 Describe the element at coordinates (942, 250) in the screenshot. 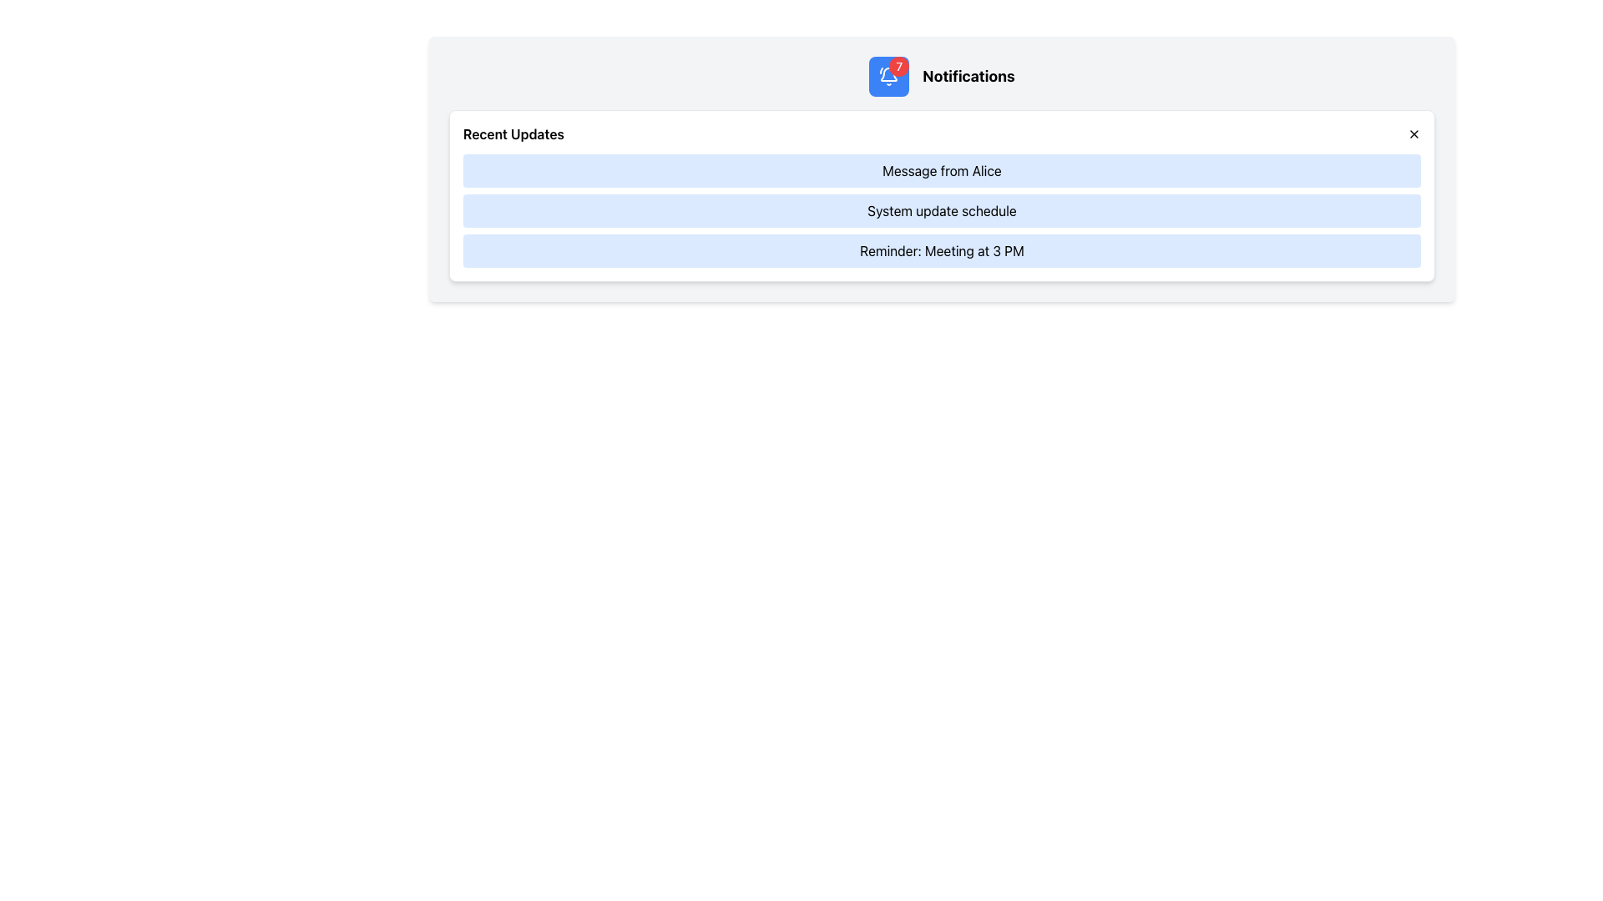

I see `notification banner indicating an upcoming meeting scheduled at 3 PM located in the 'Recent Updates' section, which is the third entry below 'Message from Alice' and 'System update schedule'` at that location.